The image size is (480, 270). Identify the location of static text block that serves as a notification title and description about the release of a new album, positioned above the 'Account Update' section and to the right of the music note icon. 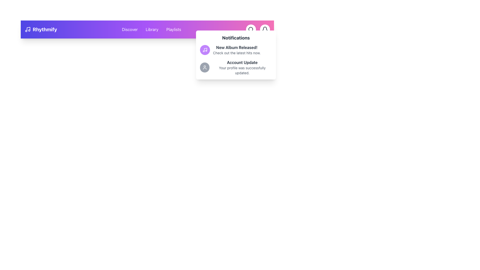
(236, 50).